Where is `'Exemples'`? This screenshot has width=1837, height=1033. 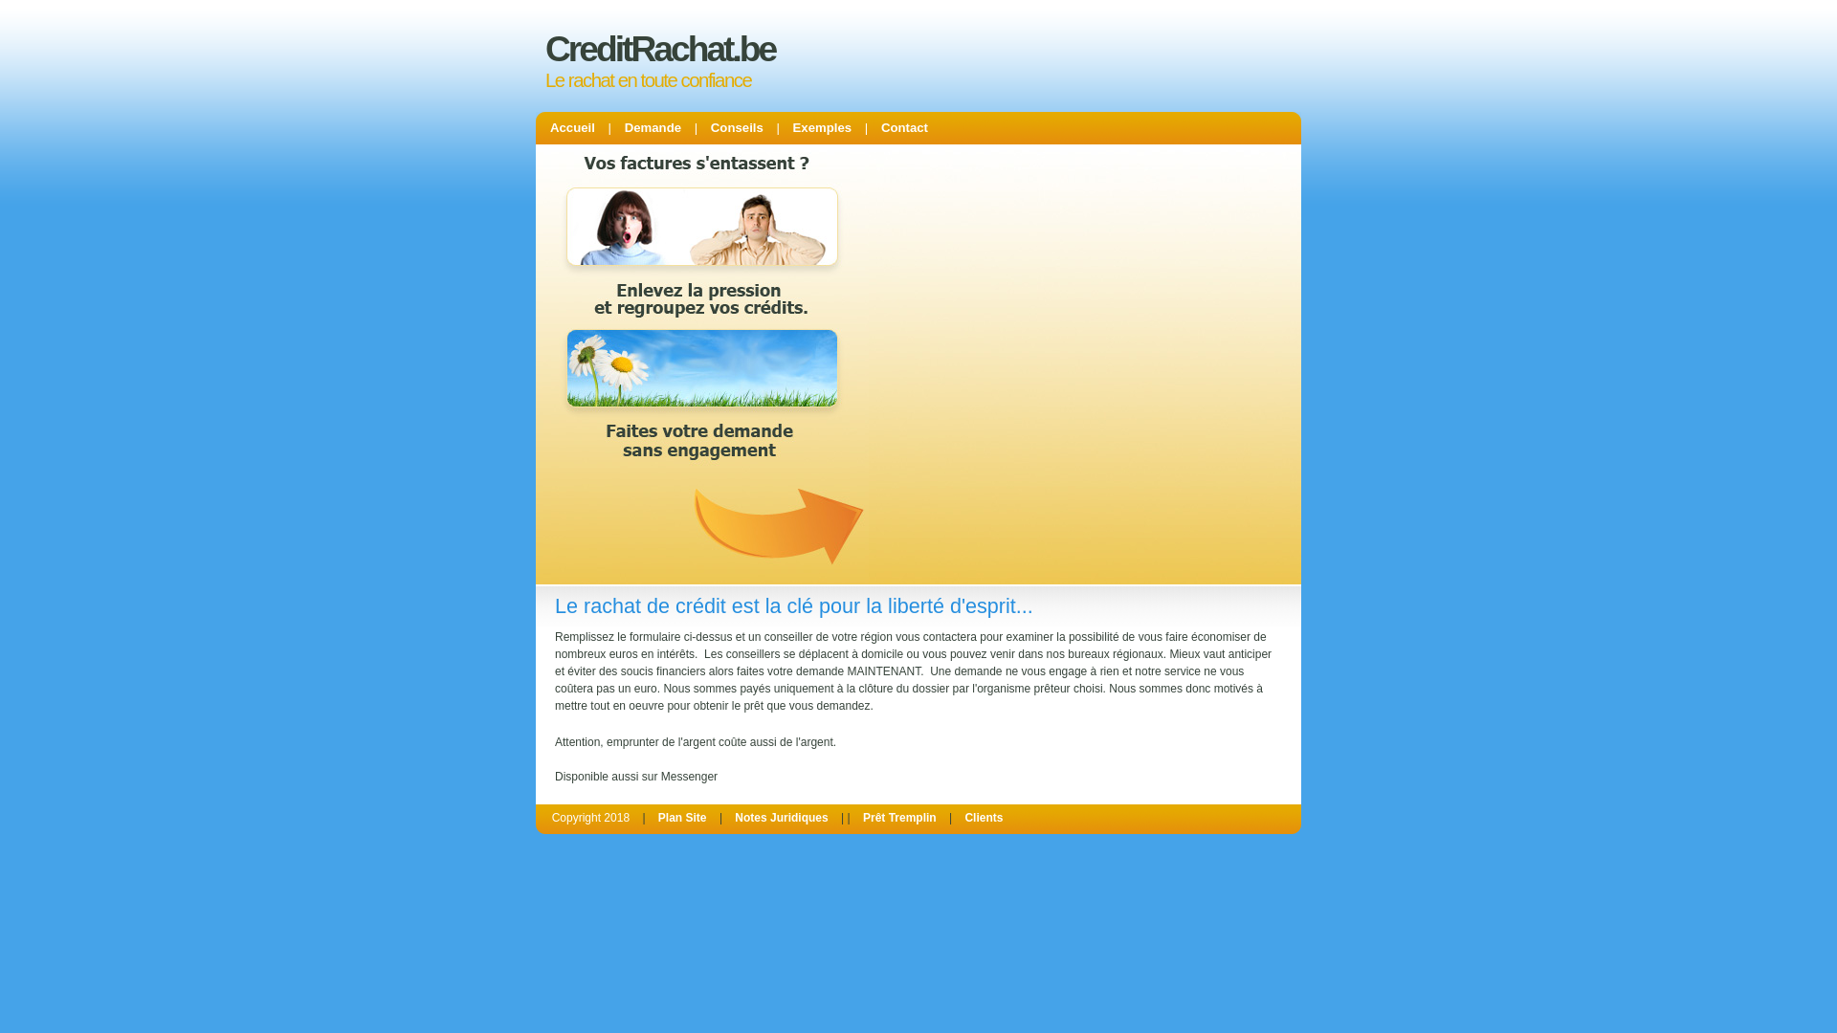
'Exemples' is located at coordinates (822, 127).